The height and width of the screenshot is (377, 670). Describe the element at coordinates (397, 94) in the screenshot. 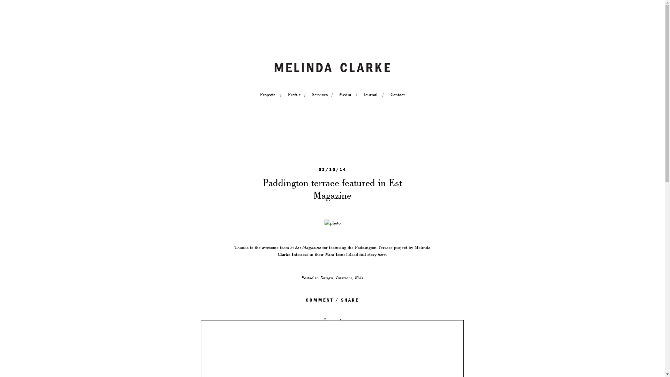

I see `'Contact'` at that location.